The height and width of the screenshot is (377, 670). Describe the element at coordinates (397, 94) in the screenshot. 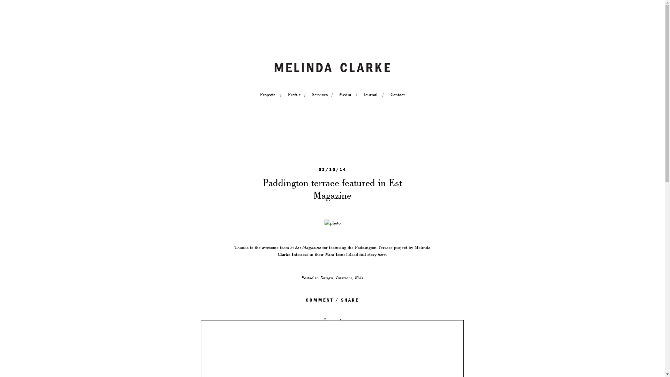

I see `'Contact'` at that location.